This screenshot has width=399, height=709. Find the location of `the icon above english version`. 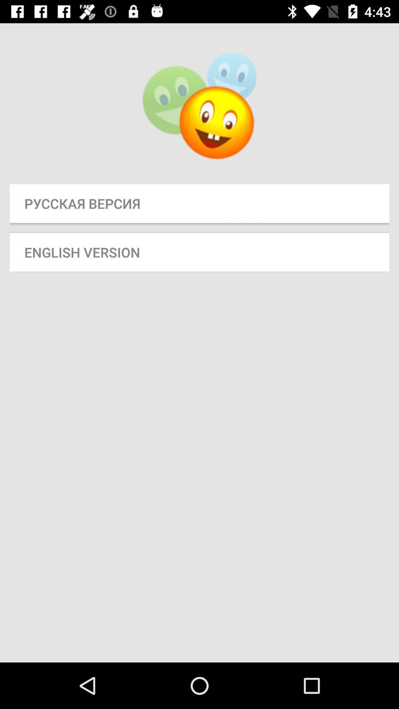

the icon above english version is located at coordinates (199, 203).